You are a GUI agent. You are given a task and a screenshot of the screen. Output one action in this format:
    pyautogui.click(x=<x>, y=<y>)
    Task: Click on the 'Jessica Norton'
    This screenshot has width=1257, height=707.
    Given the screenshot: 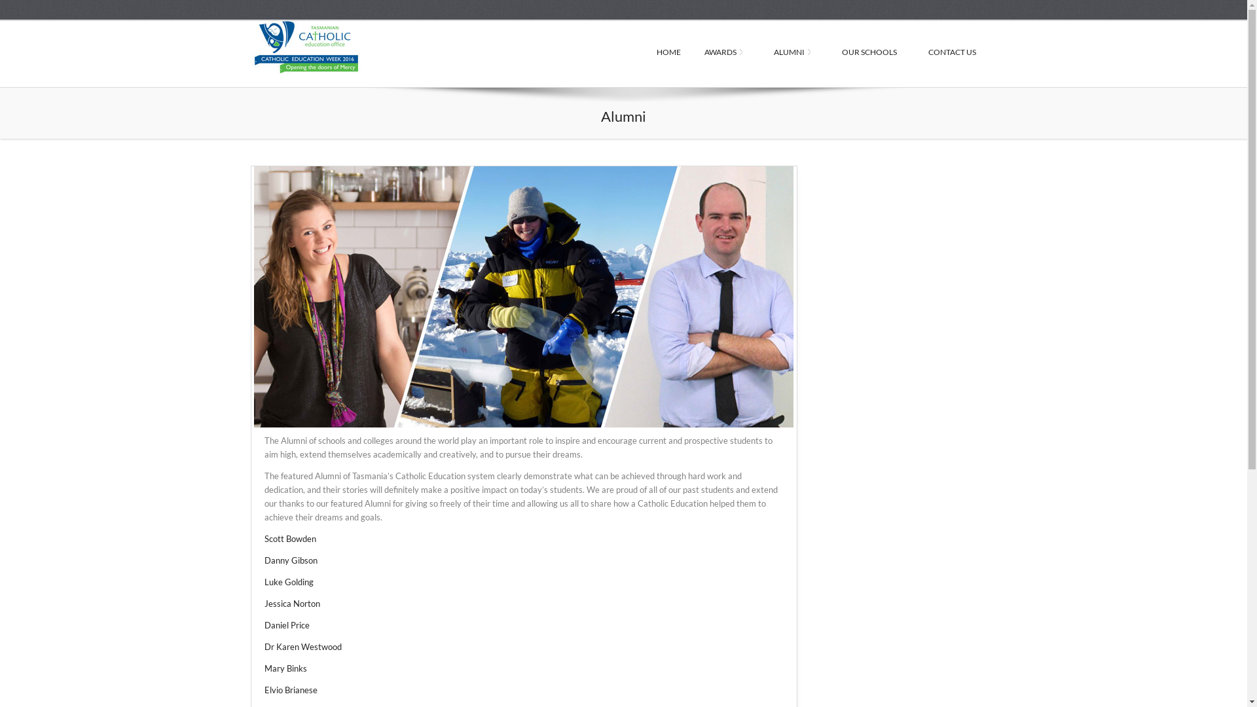 What is the action you would take?
    pyautogui.click(x=263, y=603)
    